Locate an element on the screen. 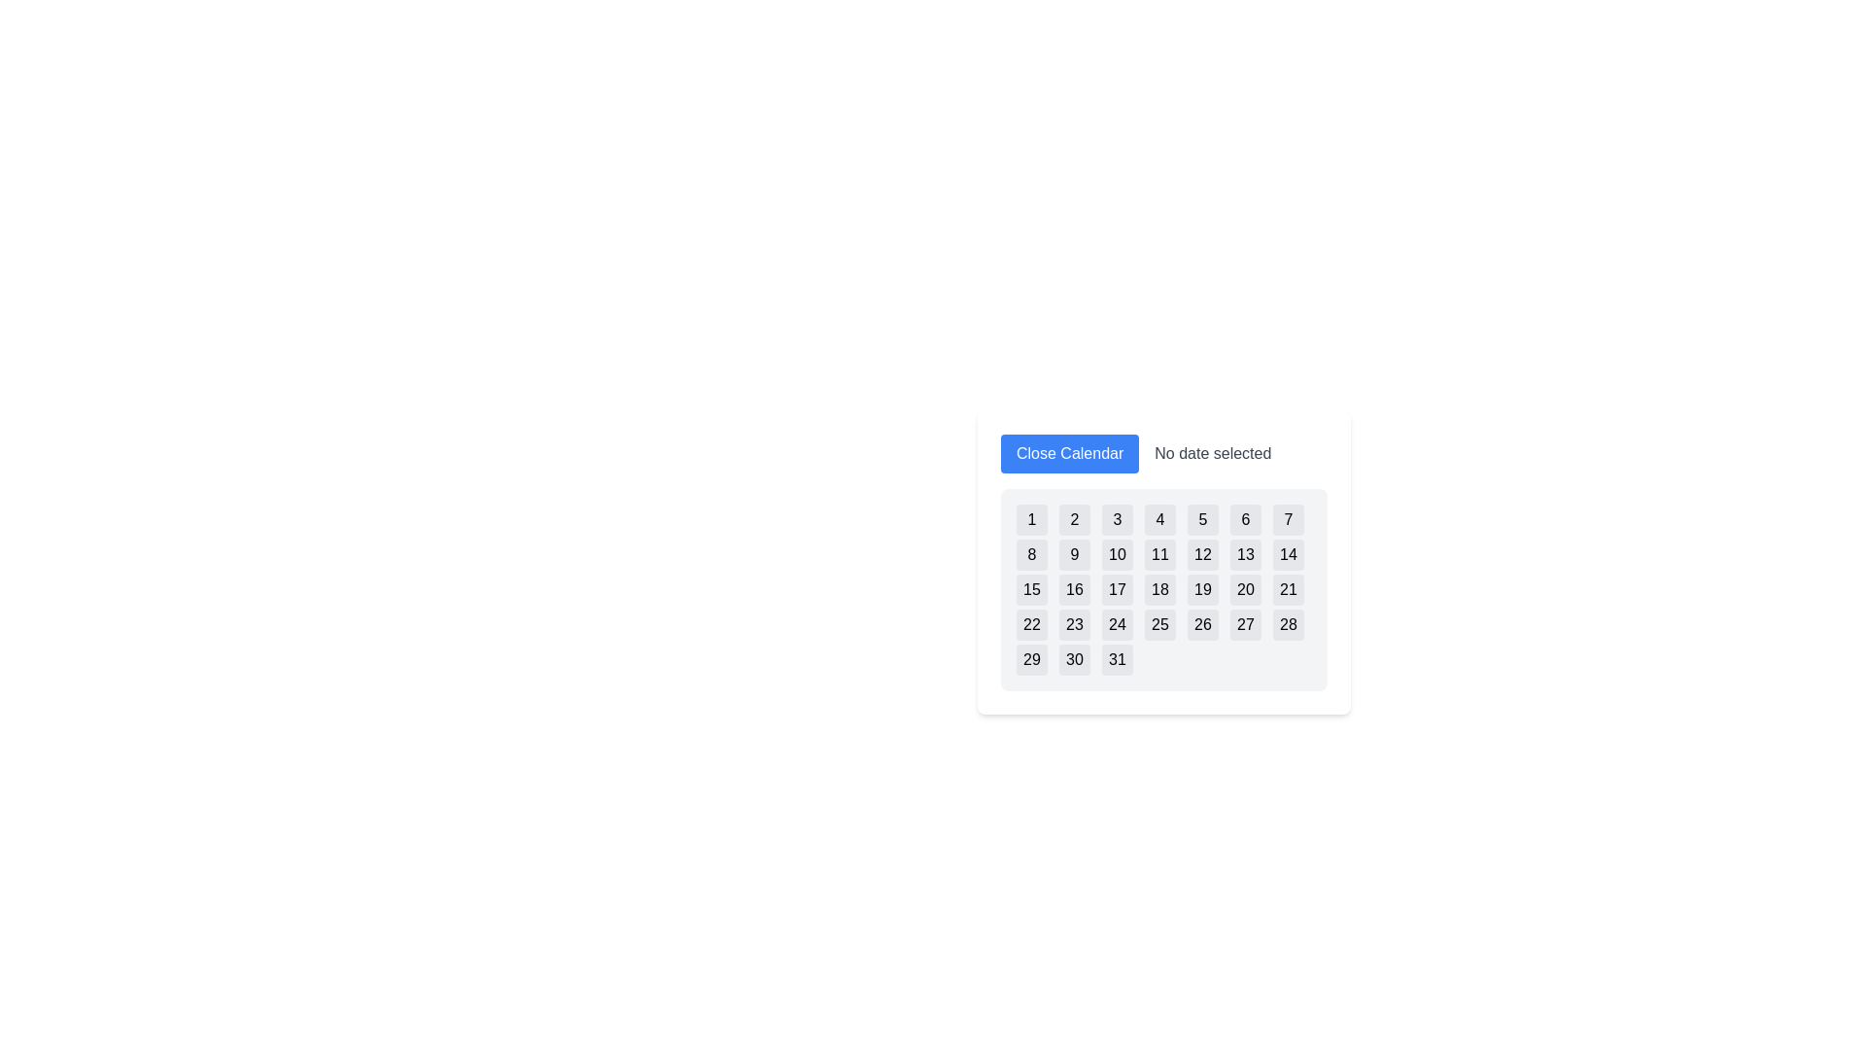 The width and height of the screenshot is (1866, 1050). the calendar date button representing the 23rd day of the month is located at coordinates (1073, 625).